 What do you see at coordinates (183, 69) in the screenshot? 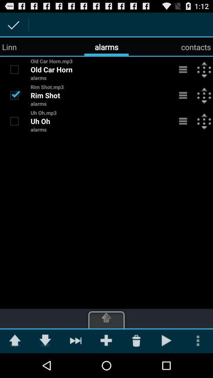
I see `more options` at bounding box center [183, 69].